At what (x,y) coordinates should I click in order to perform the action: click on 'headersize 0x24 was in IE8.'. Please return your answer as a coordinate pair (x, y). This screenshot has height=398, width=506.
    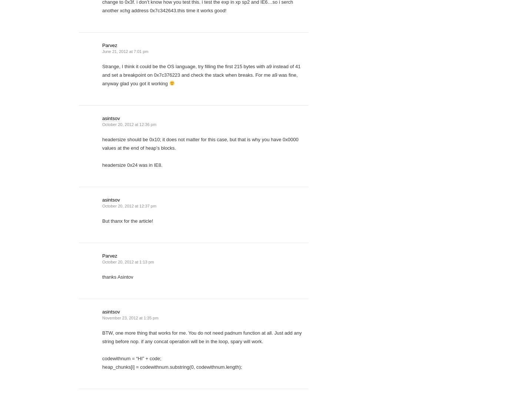
    Looking at the image, I should click on (132, 165).